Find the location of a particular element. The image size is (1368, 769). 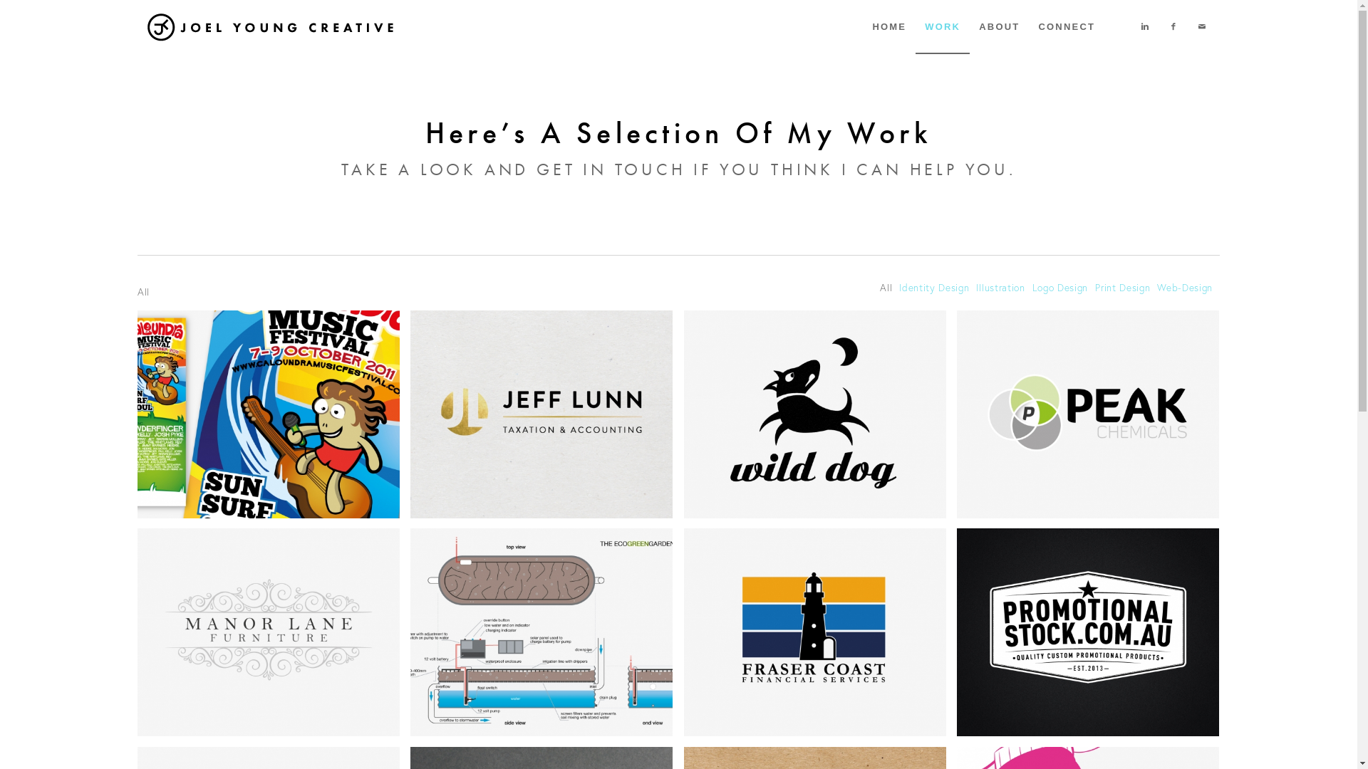

'fcfs-logo' is located at coordinates (821, 637).